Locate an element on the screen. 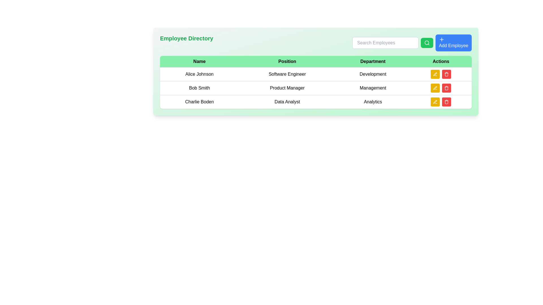  the delete button represented by a trash bin icon, which is the second button in the 'Actions' column of the last row of the employee table is located at coordinates (446, 102).